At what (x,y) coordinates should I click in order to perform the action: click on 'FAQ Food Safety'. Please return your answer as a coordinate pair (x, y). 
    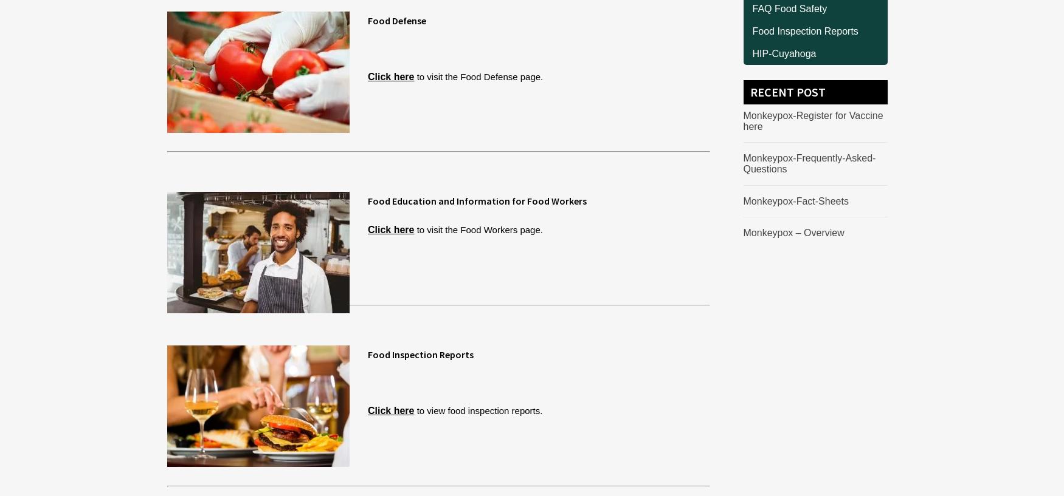
    Looking at the image, I should click on (789, 7).